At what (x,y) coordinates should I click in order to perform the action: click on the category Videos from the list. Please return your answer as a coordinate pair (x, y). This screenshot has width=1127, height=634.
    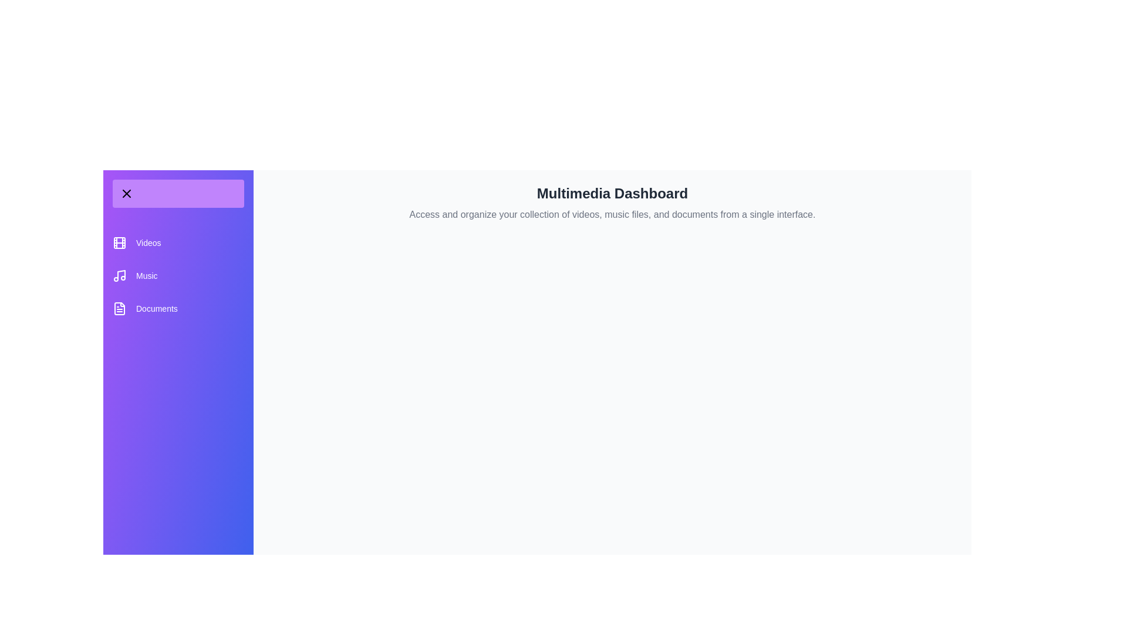
    Looking at the image, I should click on (177, 242).